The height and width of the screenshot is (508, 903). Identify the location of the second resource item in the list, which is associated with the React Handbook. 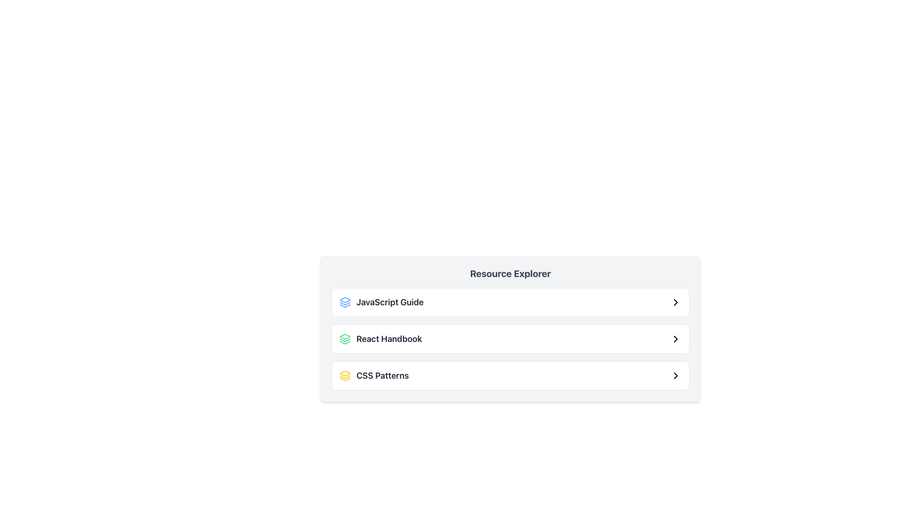
(380, 339).